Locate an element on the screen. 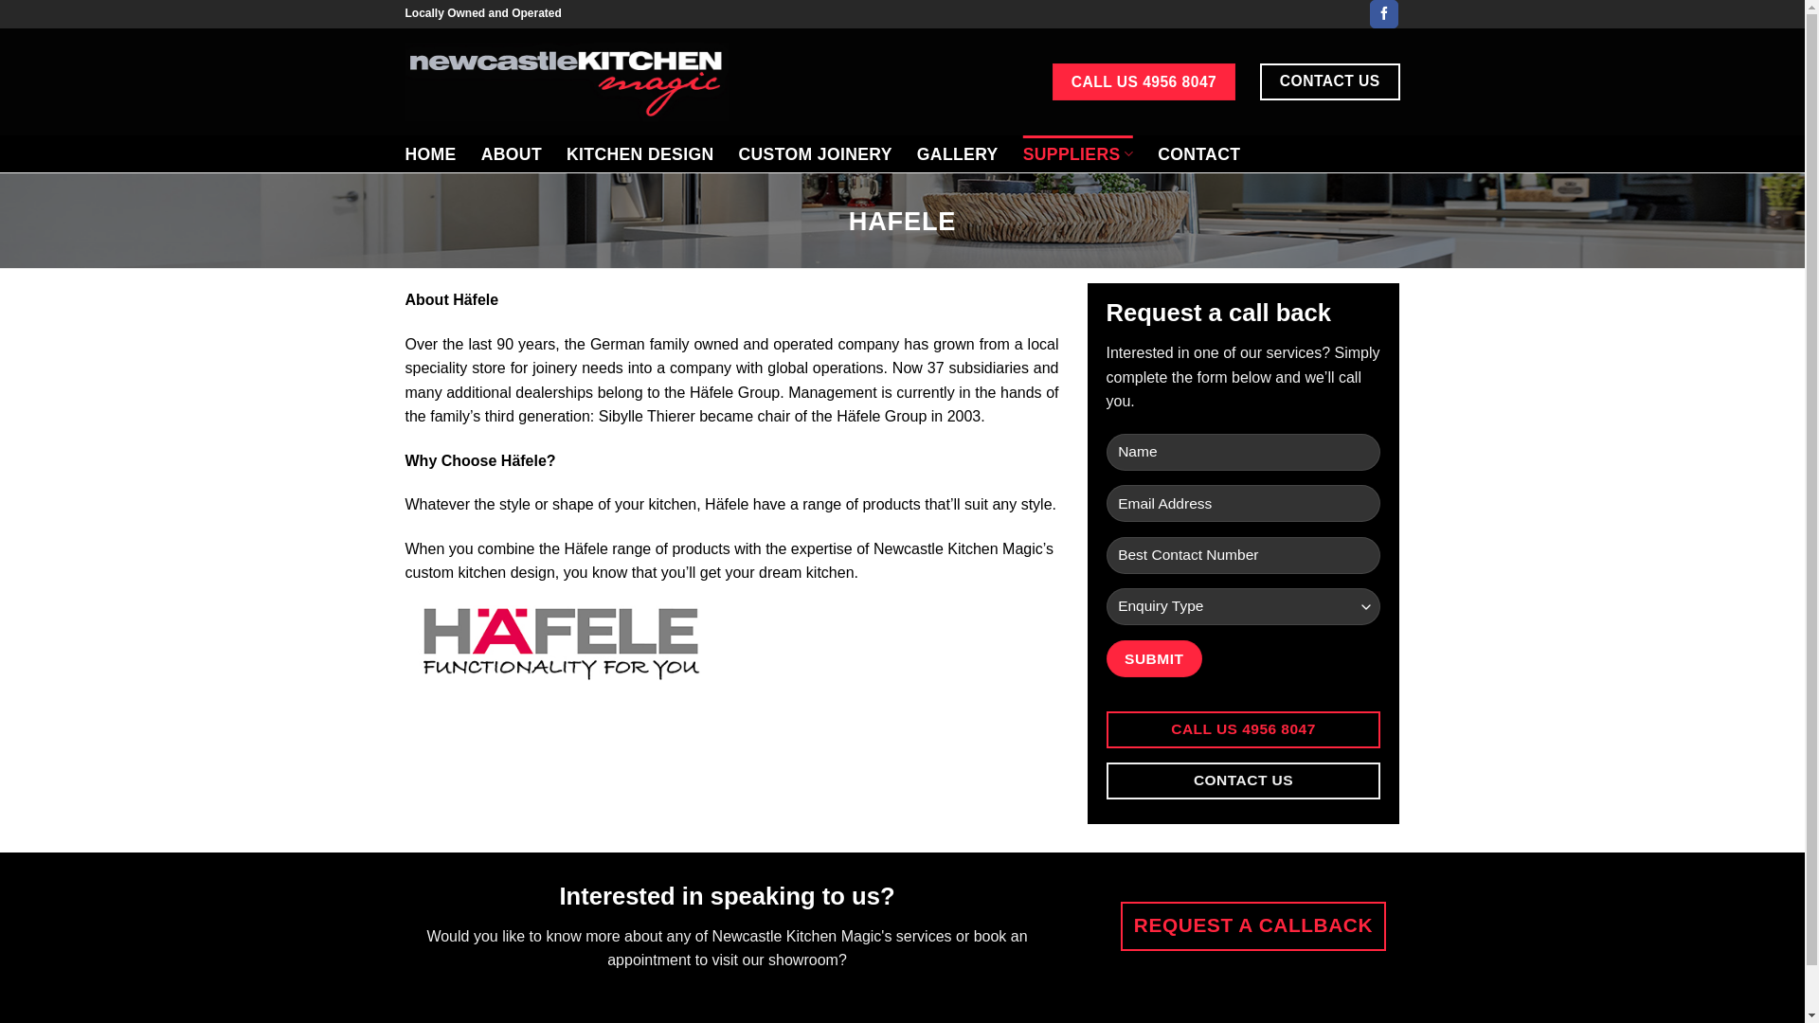 The width and height of the screenshot is (1819, 1023). 'REQUEST A CALLBACK' is located at coordinates (1252, 925).